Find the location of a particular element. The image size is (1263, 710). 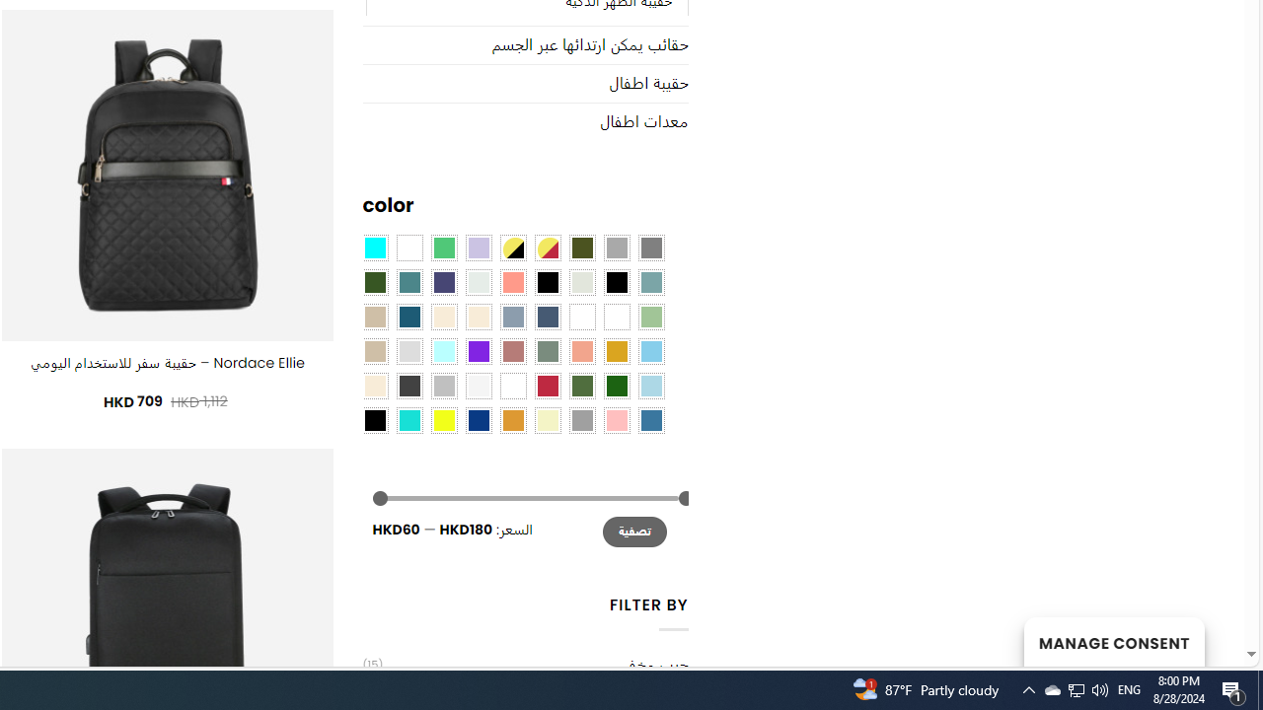

'Black-Brown' is located at coordinates (615, 281).